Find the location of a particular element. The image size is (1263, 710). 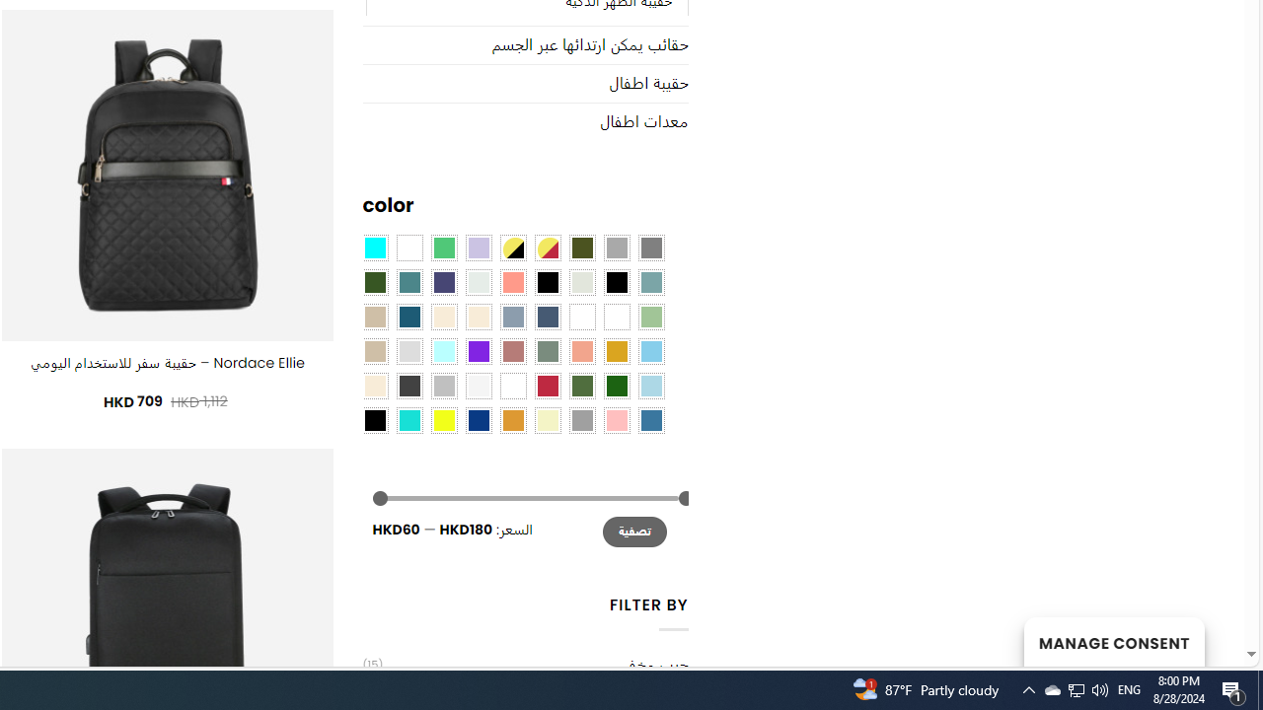

'Black-Brown' is located at coordinates (615, 281).